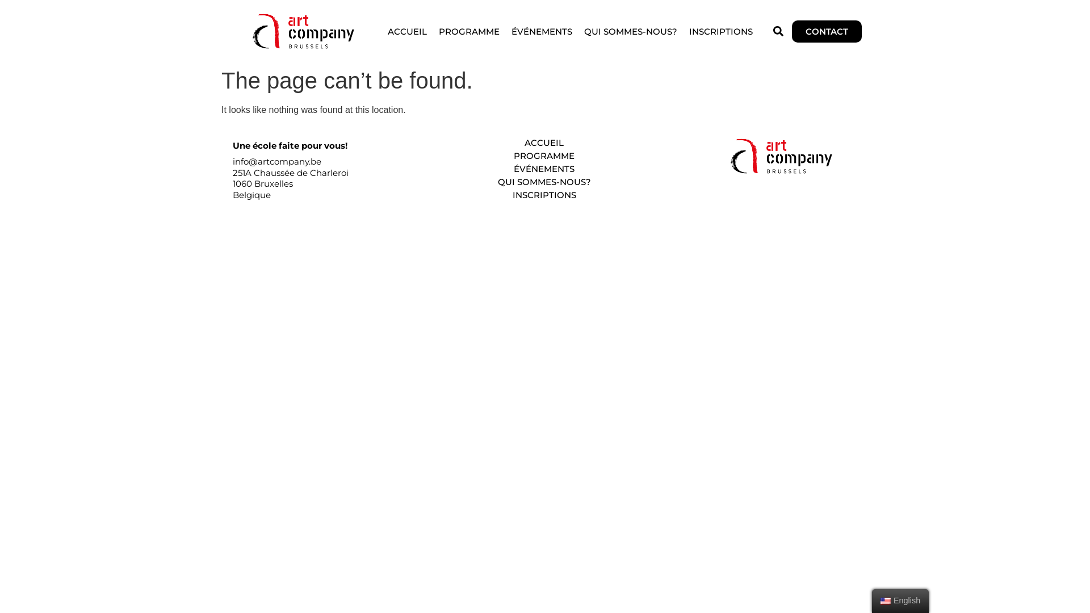 Image resolution: width=1090 pixels, height=613 pixels. Describe the element at coordinates (630, 31) in the screenshot. I see `'QUI SOMMES-NOUS?'` at that location.